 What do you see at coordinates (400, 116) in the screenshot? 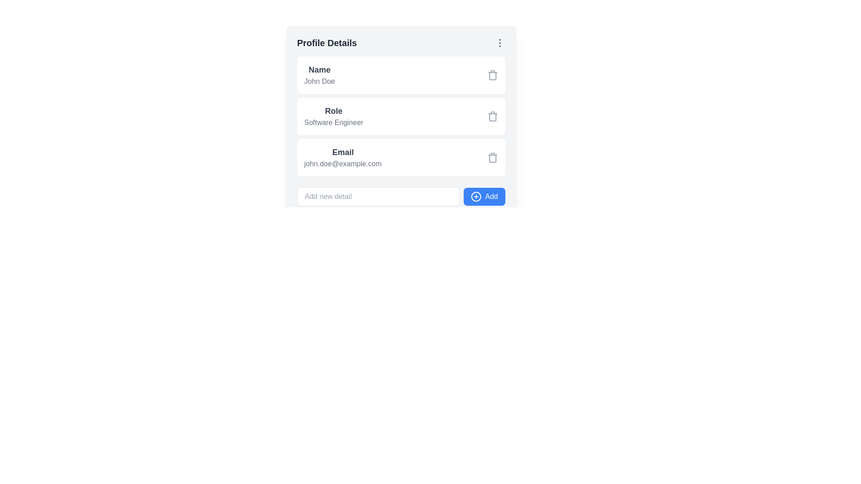
I see `the 'Role Software Engineer' section in the Information Display Section, which features a white background and rounded corners, positioned between the 'Name' and 'Email' sections` at bounding box center [400, 116].